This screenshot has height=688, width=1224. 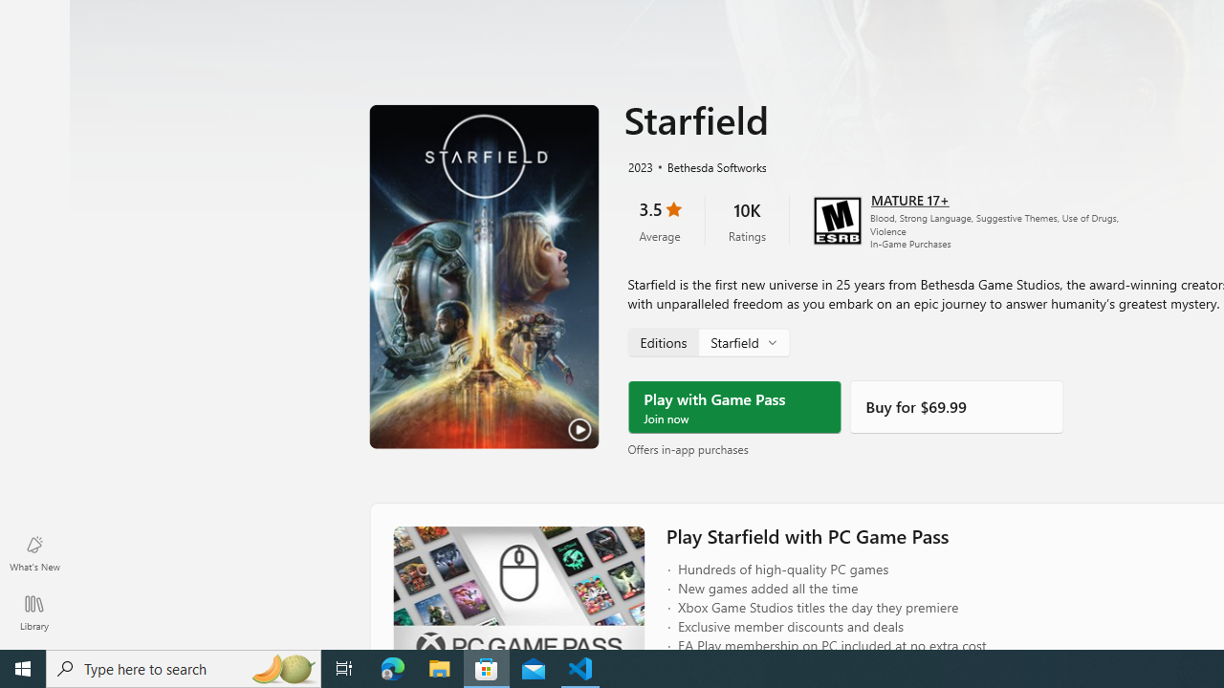 I want to click on 'Bethesda Softworks', so click(x=708, y=164).